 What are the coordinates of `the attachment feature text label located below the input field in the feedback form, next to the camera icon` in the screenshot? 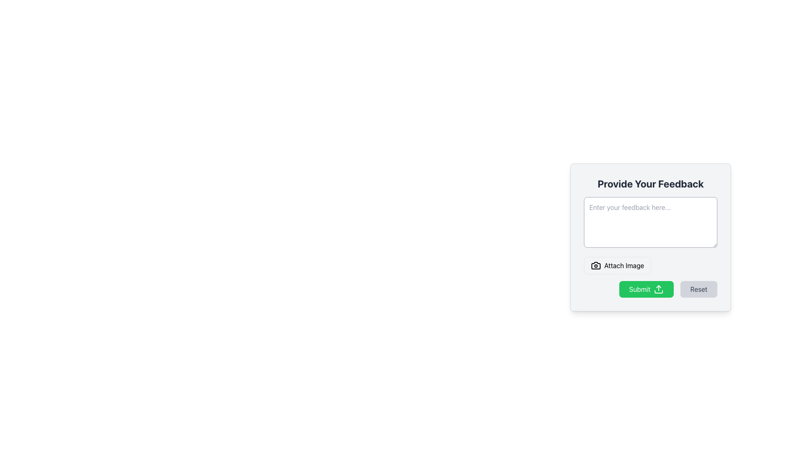 It's located at (624, 266).